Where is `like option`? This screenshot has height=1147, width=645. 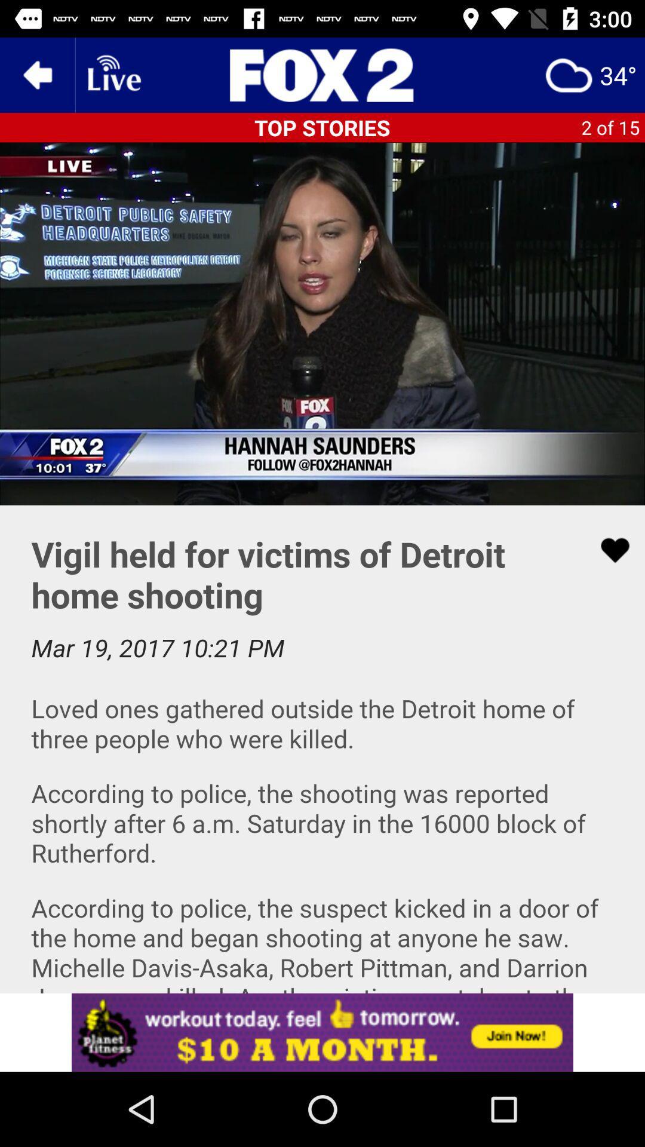
like option is located at coordinates (607, 550).